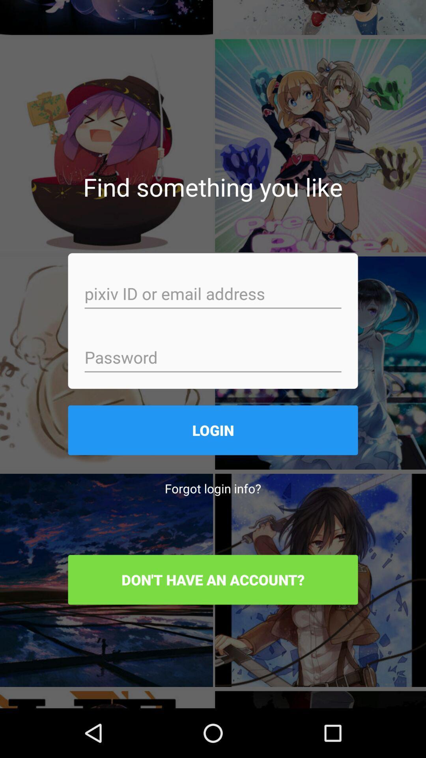 This screenshot has height=758, width=426. I want to click on password, so click(213, 358).